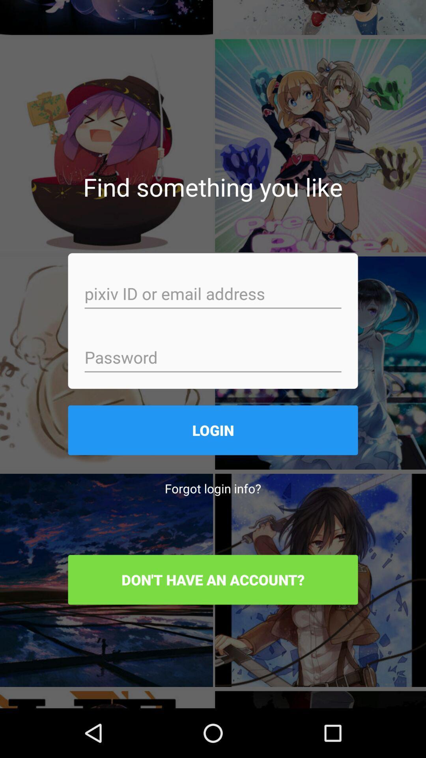 This screenshot has height=758, width=426. I want to click on password, so click(213, 358).